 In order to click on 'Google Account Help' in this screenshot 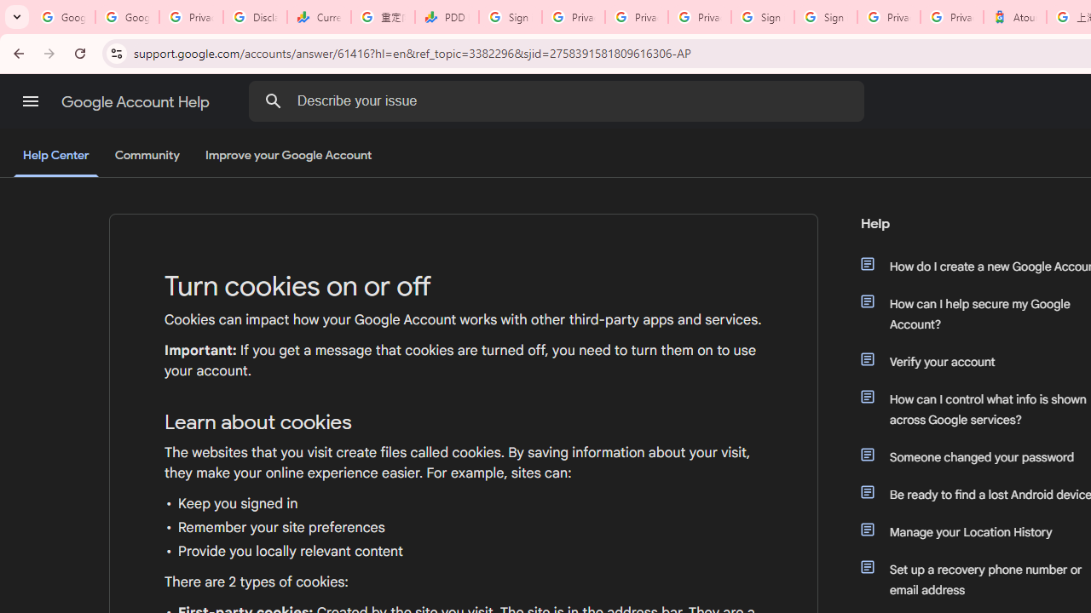, I will do `click(136, 101)`.